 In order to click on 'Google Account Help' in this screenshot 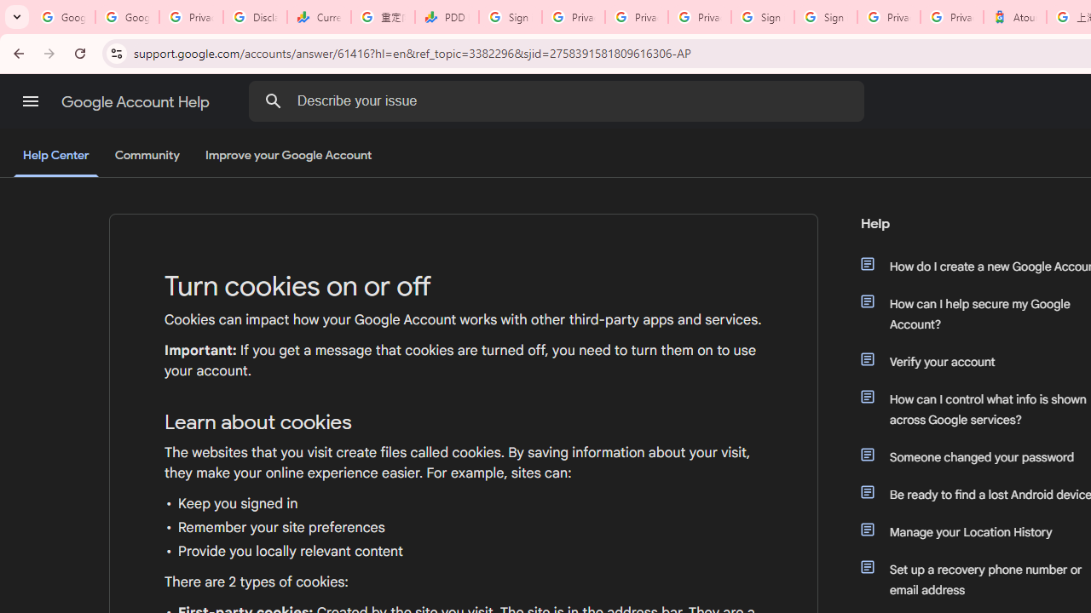, I will do `click(136, 101)`.